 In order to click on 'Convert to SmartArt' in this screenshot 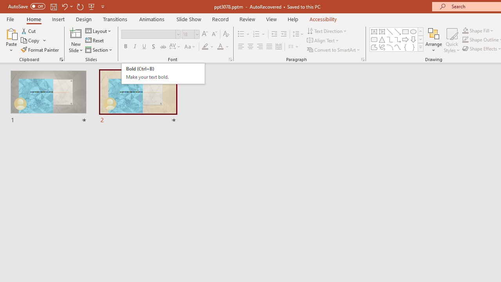, I will do `click(334, 50)`.